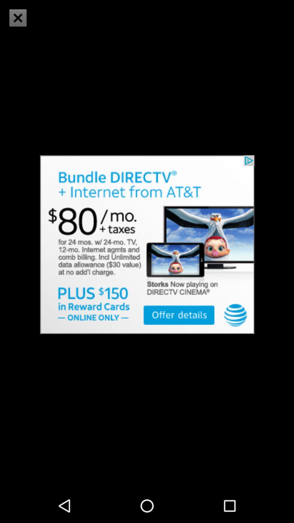  What do you see at coordinates (17, 19) in the screenshot?
I see `the close icon` at bounding box center [17, 19].